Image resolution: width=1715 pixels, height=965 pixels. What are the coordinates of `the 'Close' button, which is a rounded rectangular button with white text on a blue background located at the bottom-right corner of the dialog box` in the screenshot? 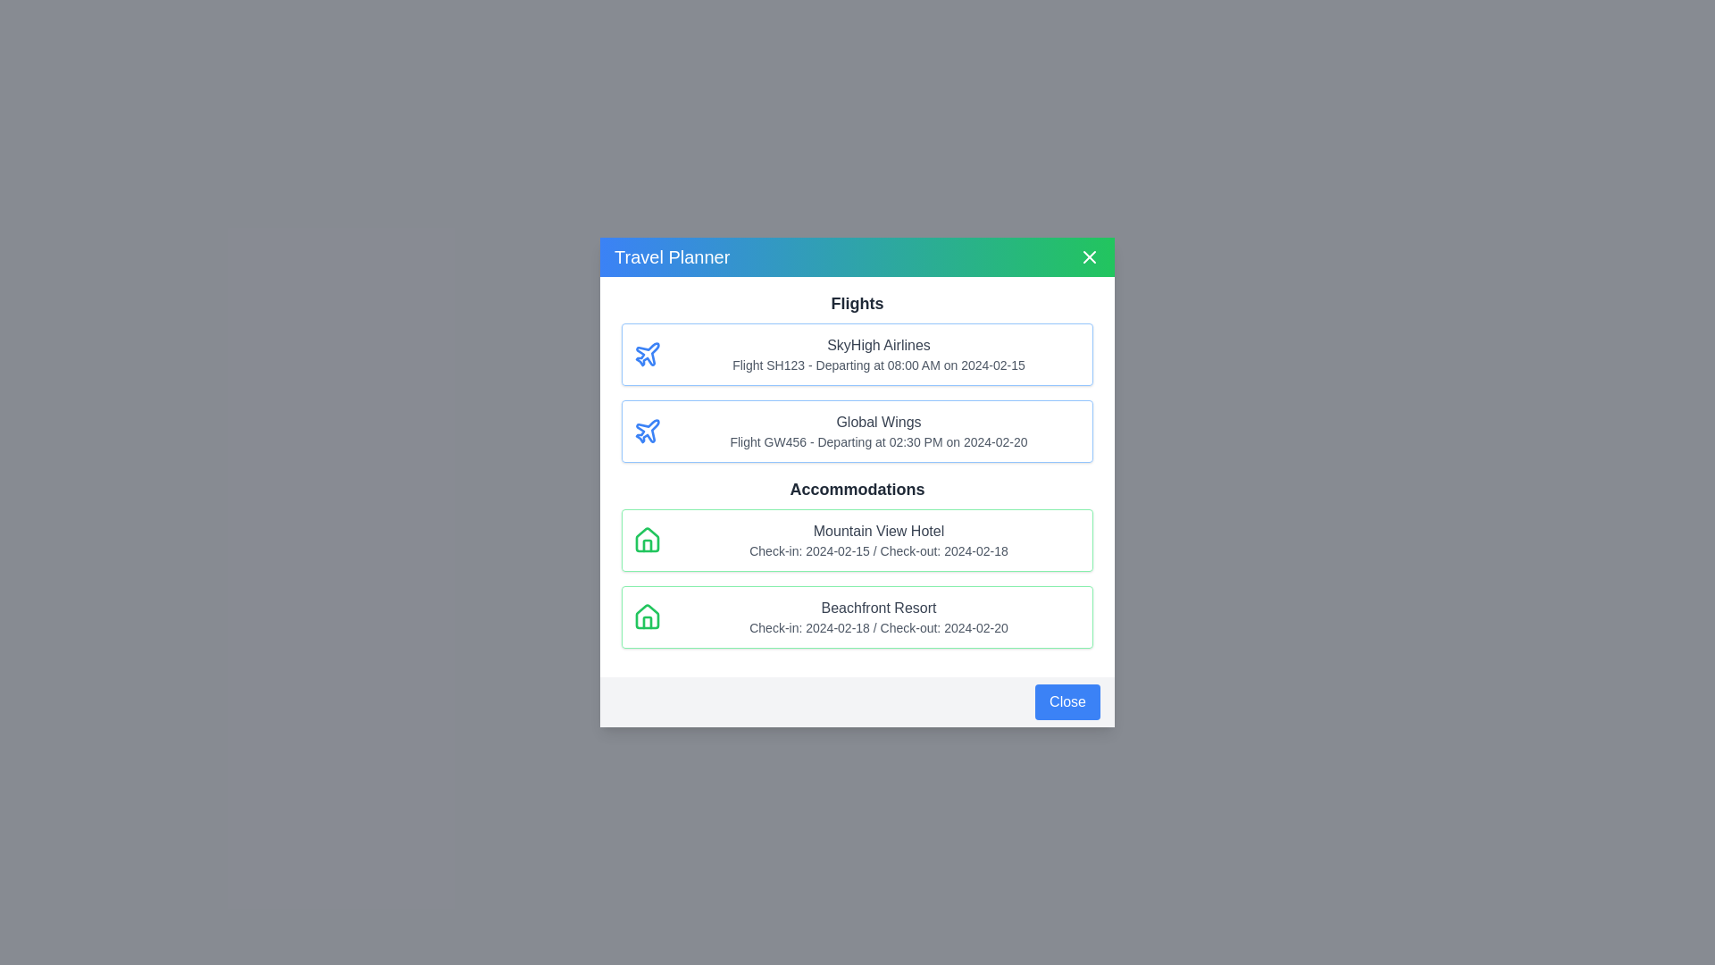 It's located at (1067, 701).